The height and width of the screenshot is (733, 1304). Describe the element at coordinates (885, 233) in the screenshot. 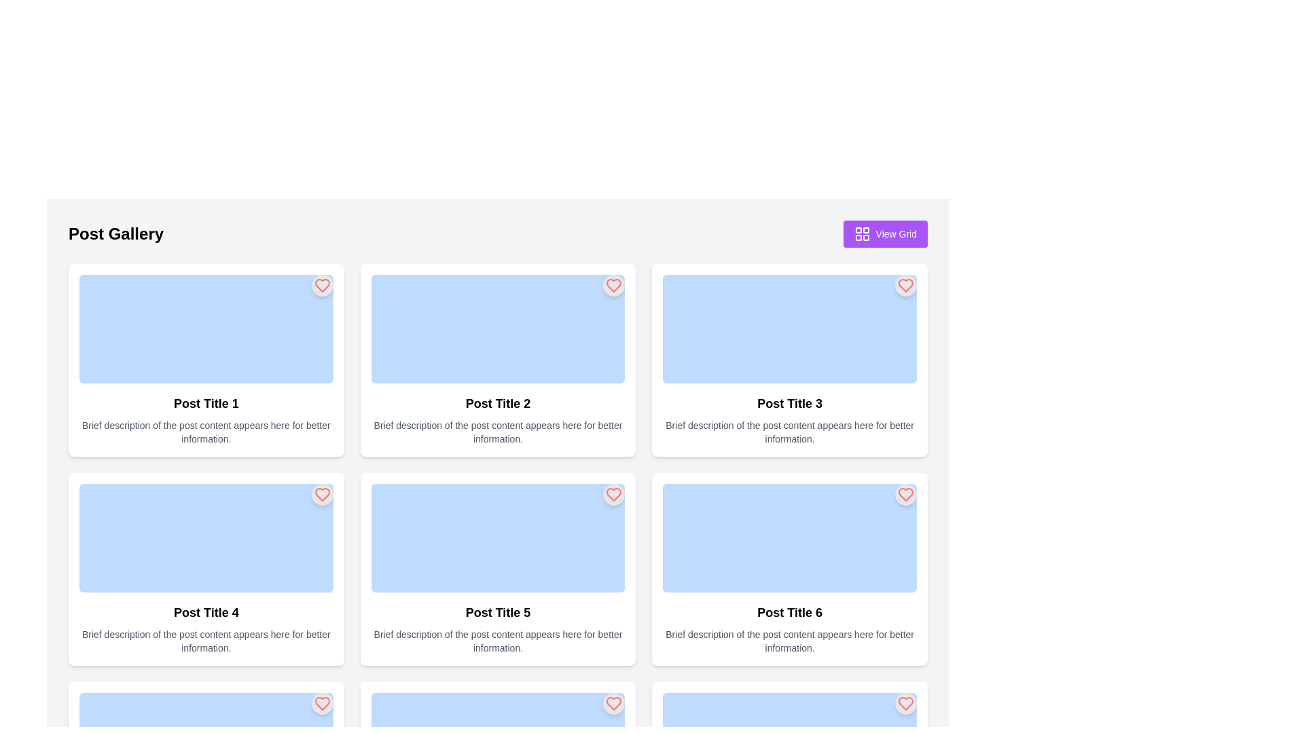

I see `the button in the upper-right corner of the 'Post Gallery' section to observe potential visual effects` at that location.